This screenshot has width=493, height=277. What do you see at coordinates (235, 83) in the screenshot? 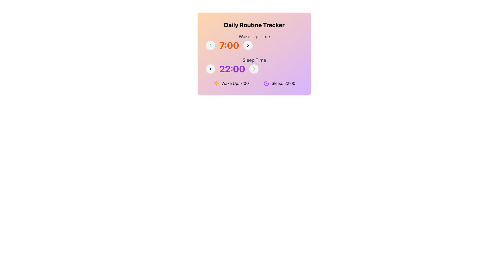
I see `the informative label indicating the wake-up time, which is positioned to the right of the sun icon in the bottom section of the 'Daily Routine Tracker' card` at bounding box center [235, 83].